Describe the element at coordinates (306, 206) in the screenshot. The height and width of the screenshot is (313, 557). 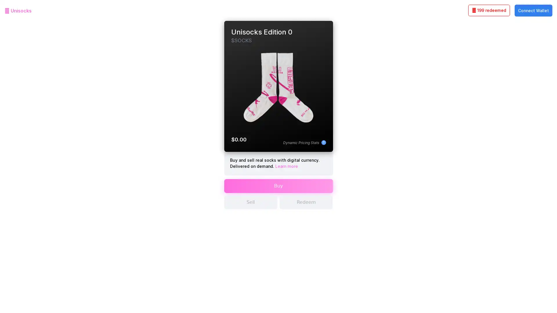
I see `Redeem` at that location.